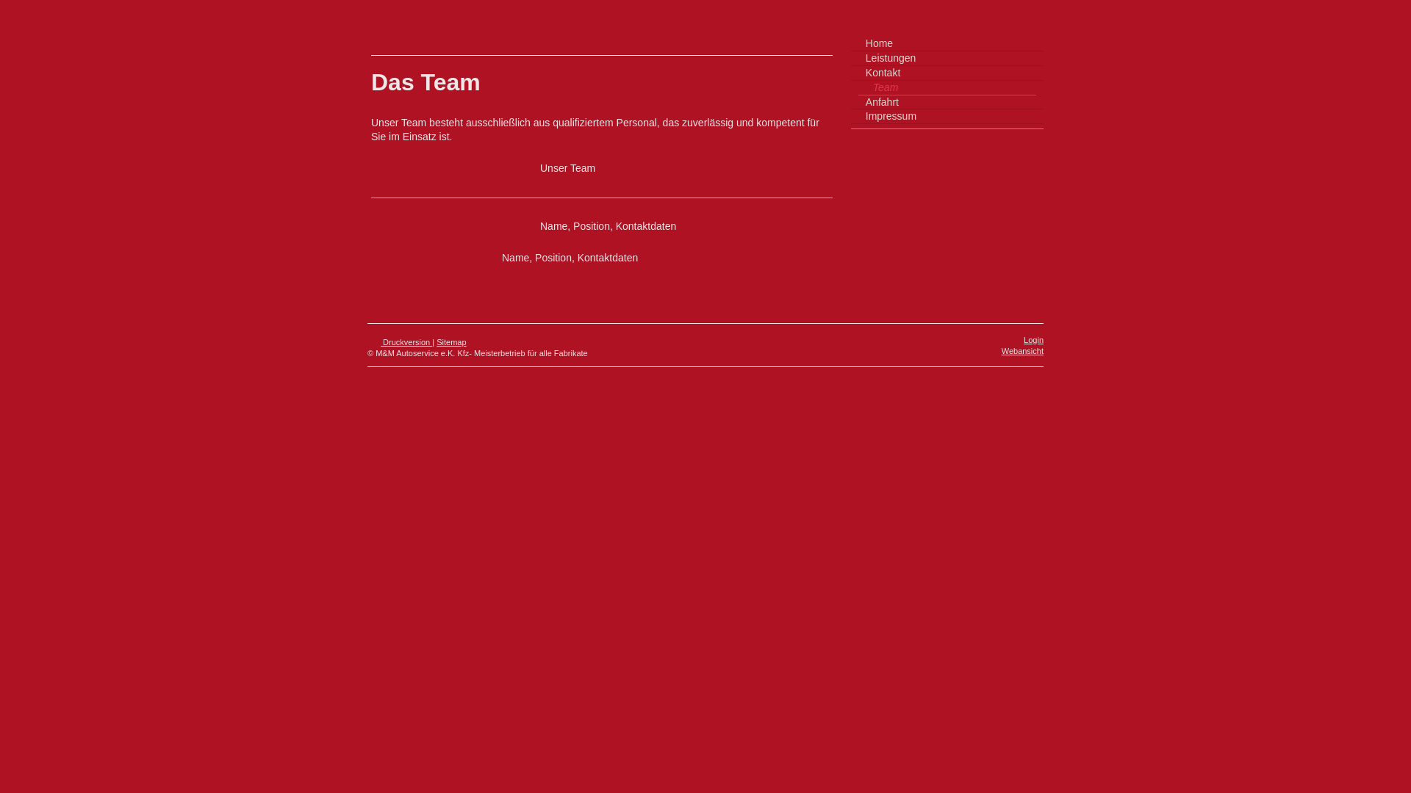  Describe the element at coordinates (947, 43) in the screenshot. I see `'Home'` at that location.